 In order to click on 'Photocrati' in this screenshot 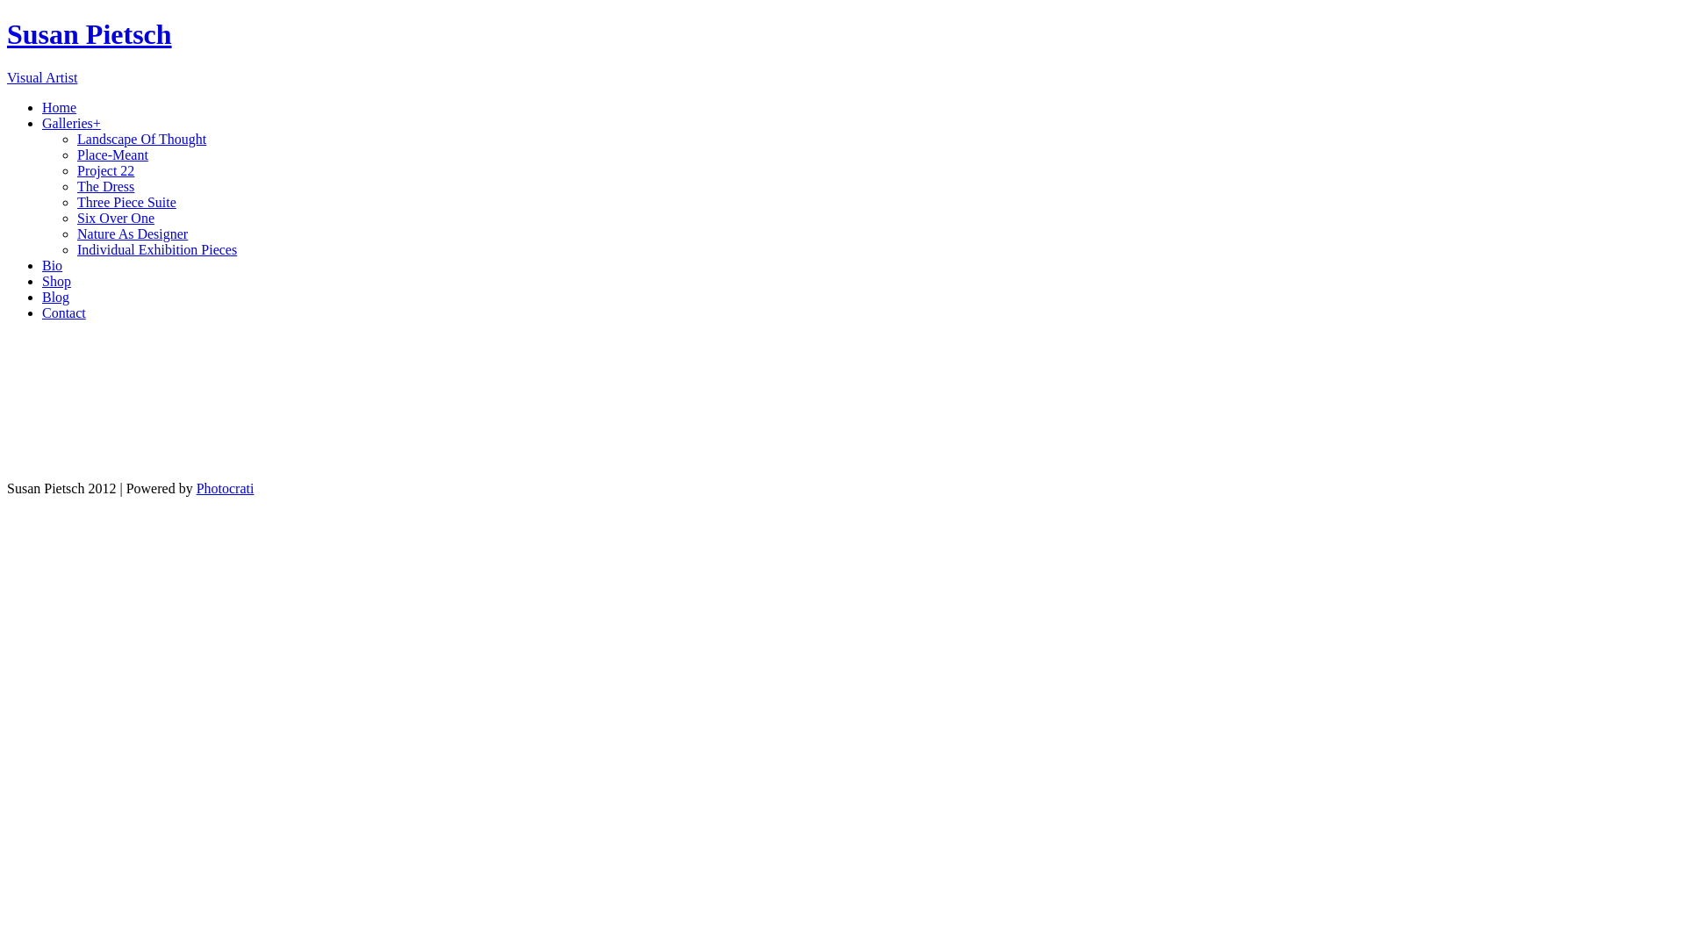, I will do `click(197, 488)`.